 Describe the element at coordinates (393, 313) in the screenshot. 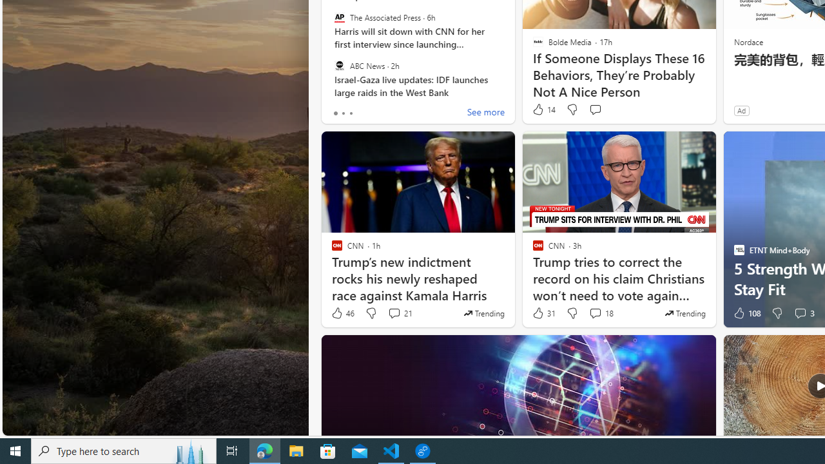

I see `'View comments 21 Comment'` at that location.